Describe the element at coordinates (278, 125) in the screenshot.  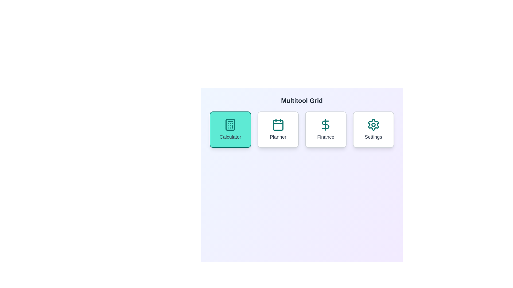
I see `the decorative graphical component located inside the calendar icon, which is the second item in the row of four icons labeled 'Planner'` at that location.